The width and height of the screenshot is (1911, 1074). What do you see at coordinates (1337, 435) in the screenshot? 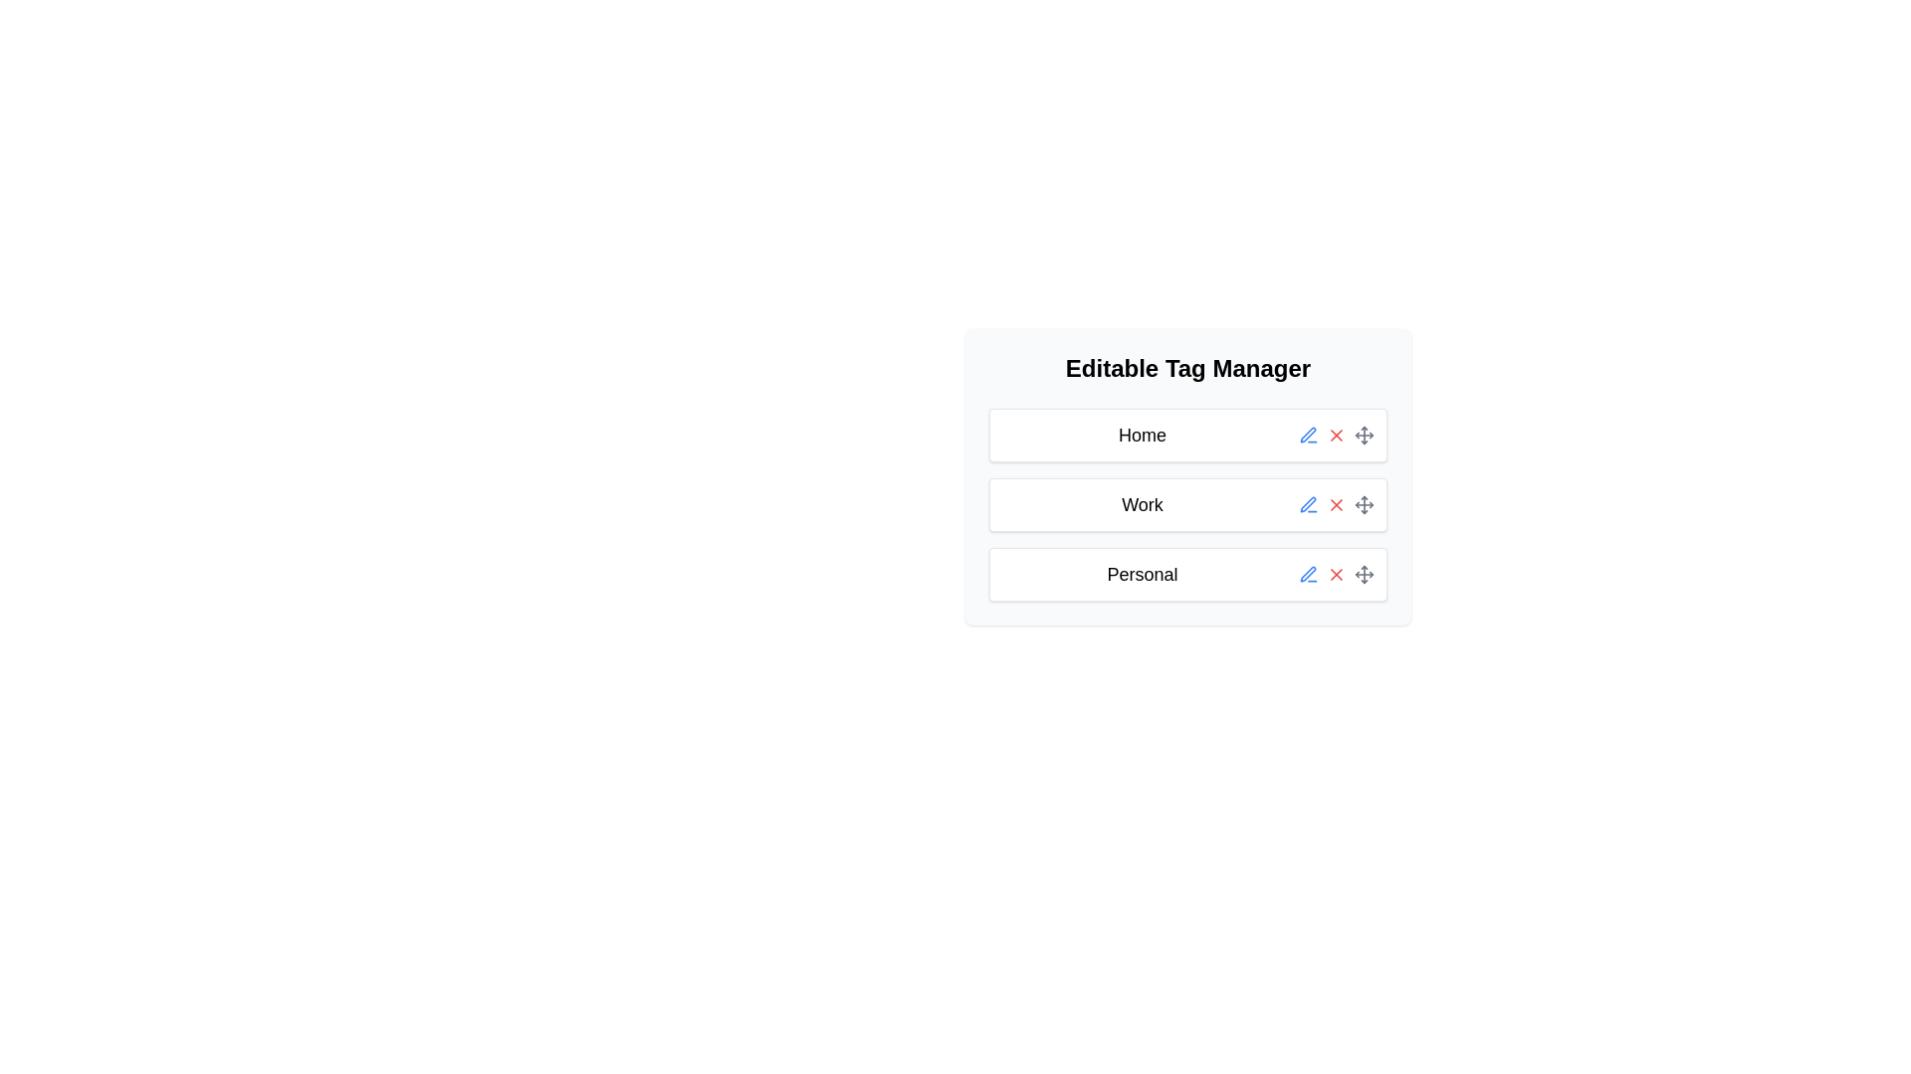
I see `the delete button associated with the 'Home' item in the 'Editable Tag Manager' section` at bounding box center [1337, 435].